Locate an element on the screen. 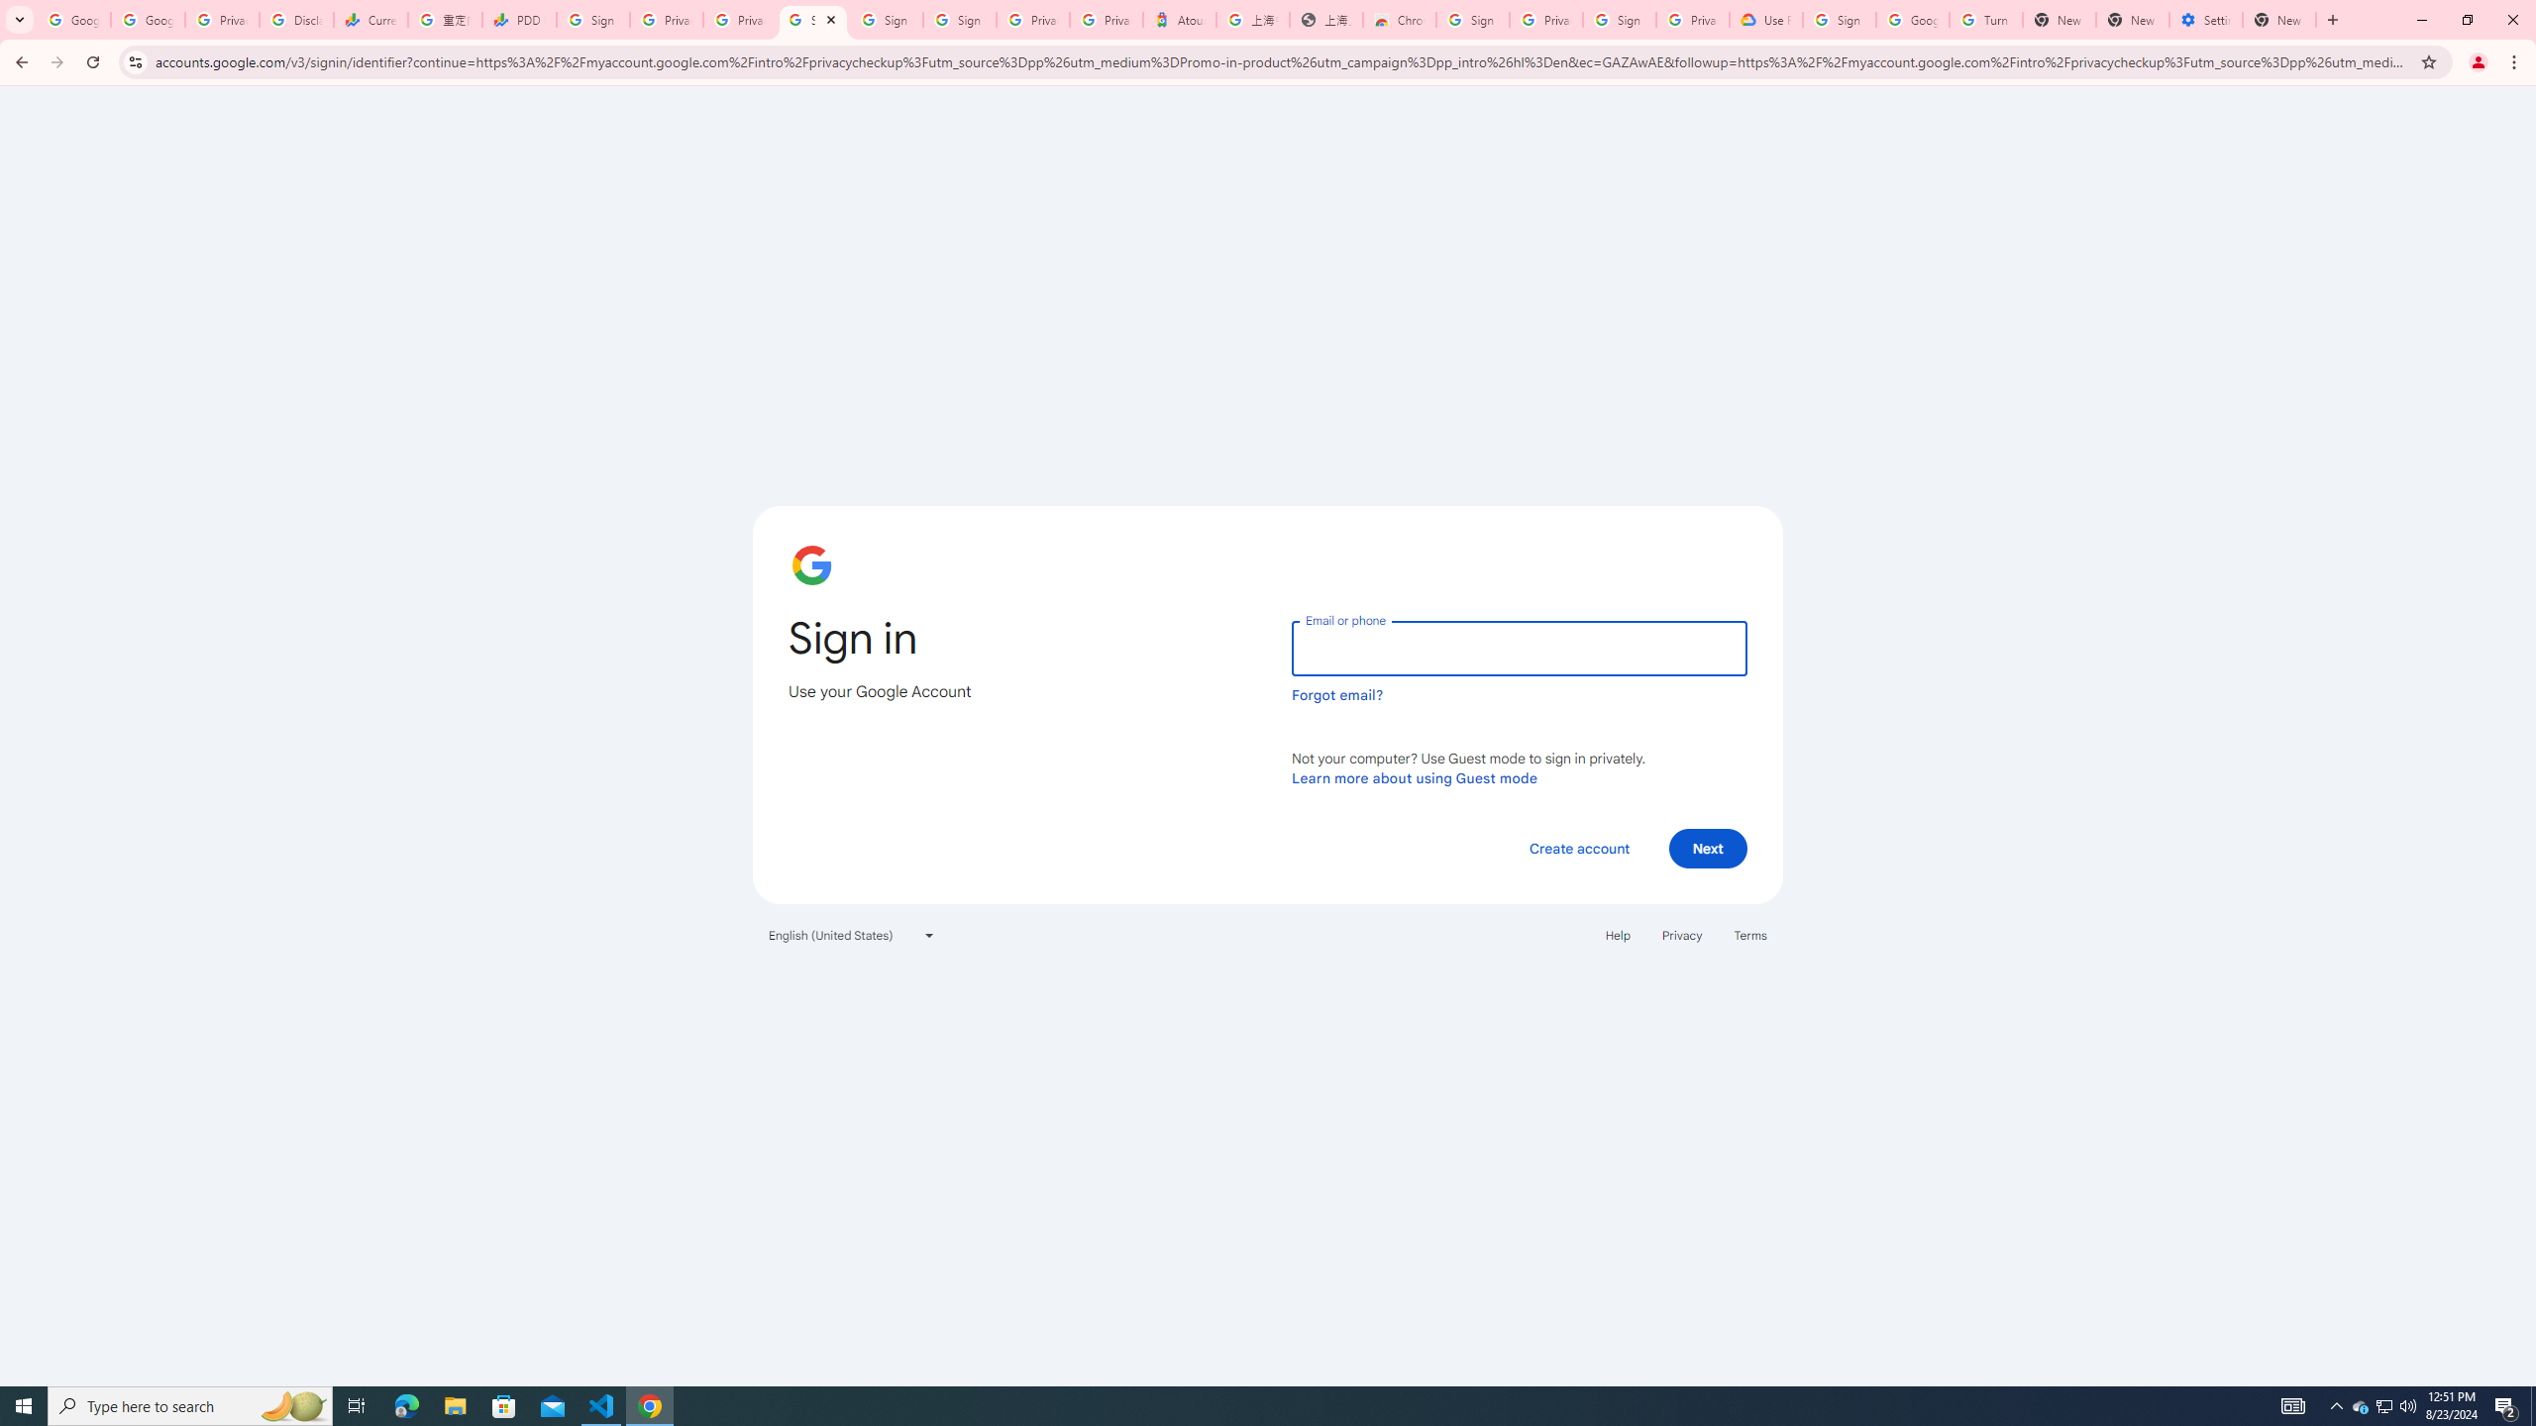 The height and width of the screenshot is (1426, 2536). 'Google Account Help' is located at coordinates (1911, 19).